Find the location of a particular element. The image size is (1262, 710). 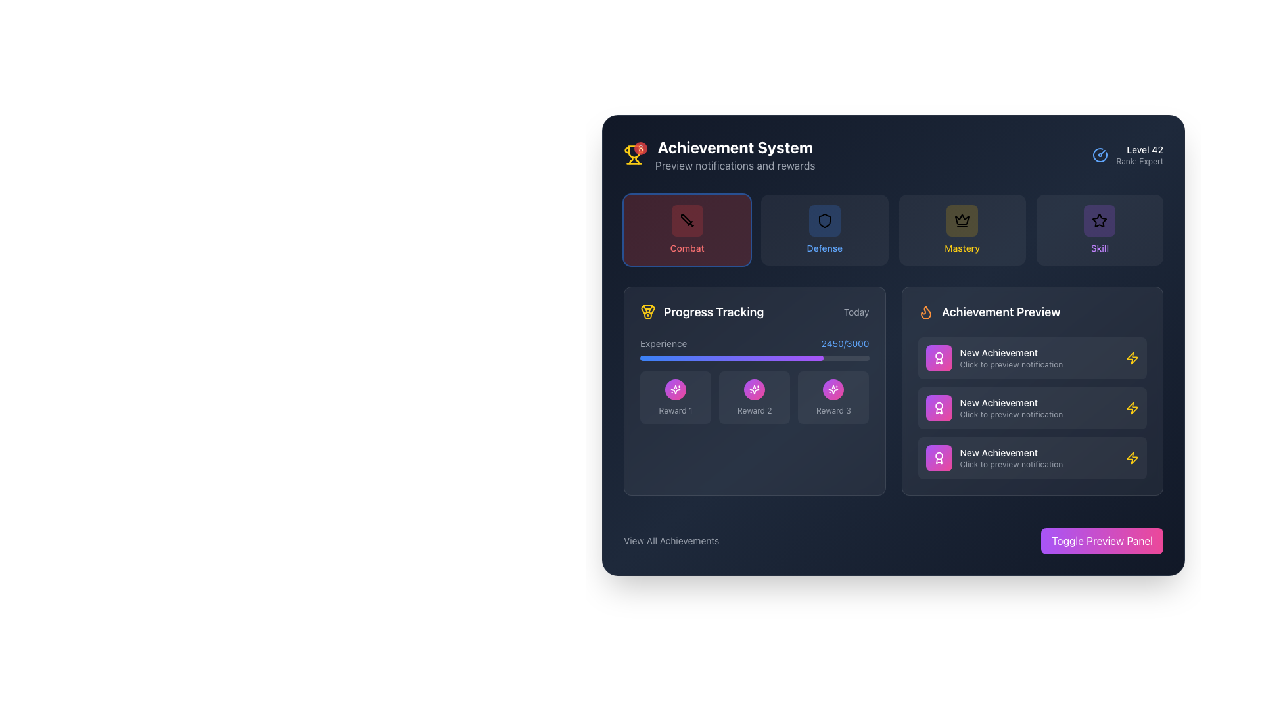

the label element that reads 'Click is located at coordinates (1038, 415).